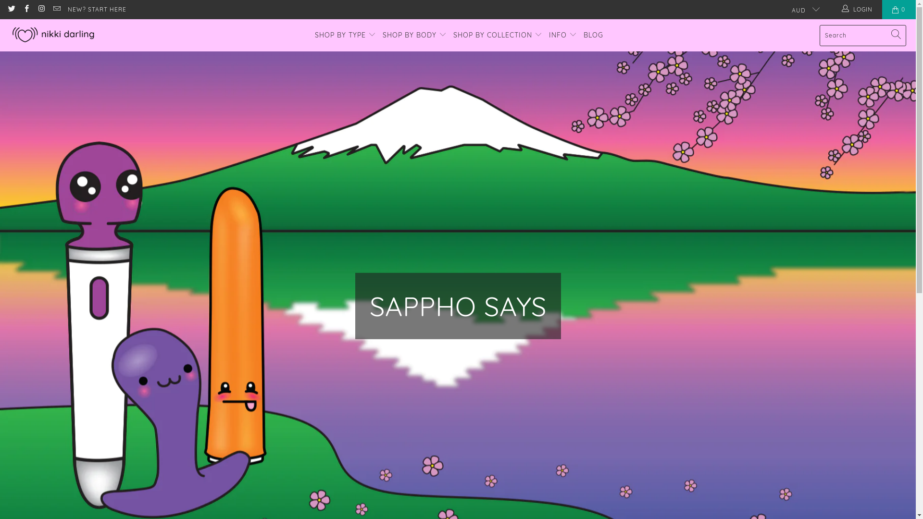 The height and width of the screenshot is (519, 923). Describe the element at coordinates (67, 9) in the screenshot. I see `'NEW? START HERE'` at that location.